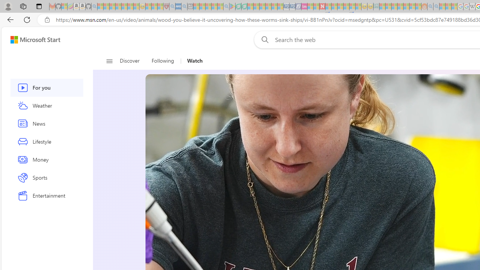  What do you see at coordinates (472, 6) in the screenshot?
I see `'Target page - Wikipedia - Sleeping'` at bounding box center [472, 6].